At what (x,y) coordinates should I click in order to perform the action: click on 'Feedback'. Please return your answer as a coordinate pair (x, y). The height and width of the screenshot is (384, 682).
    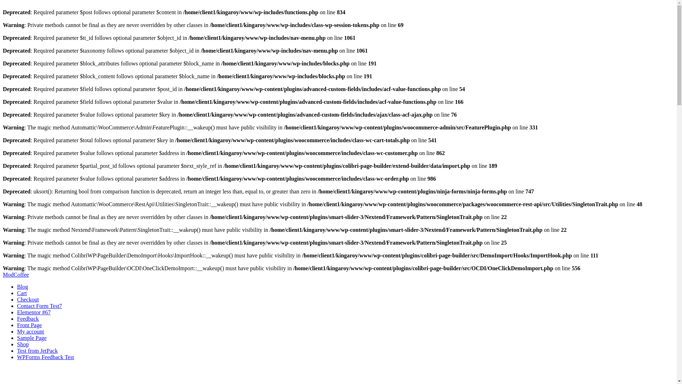
    Looking at the image, I should click on (28, 318).